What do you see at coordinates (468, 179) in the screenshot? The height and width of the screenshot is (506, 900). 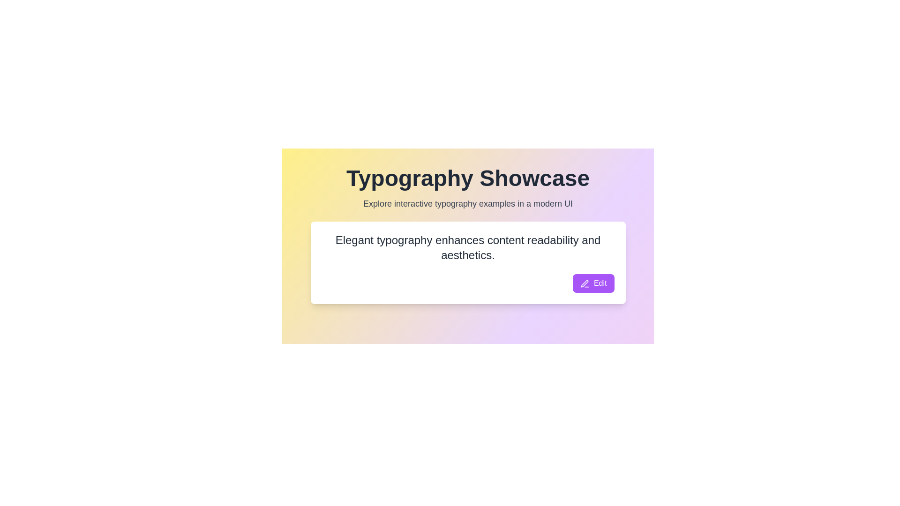 I see `the 'Typography Showcase' text display, which is a large, bold text element located at the top center of the interface` at bounding box center [468, 179].